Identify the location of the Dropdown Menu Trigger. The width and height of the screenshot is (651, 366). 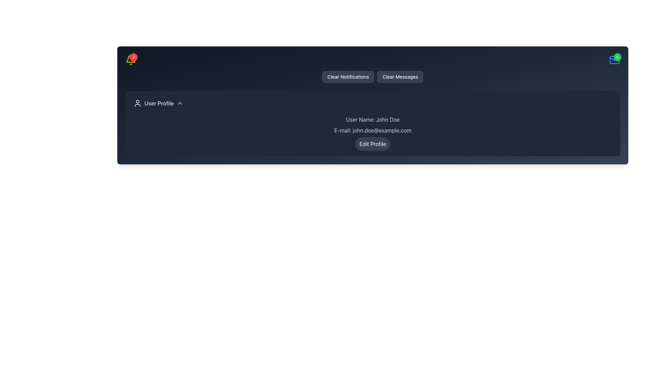
(372, 103).